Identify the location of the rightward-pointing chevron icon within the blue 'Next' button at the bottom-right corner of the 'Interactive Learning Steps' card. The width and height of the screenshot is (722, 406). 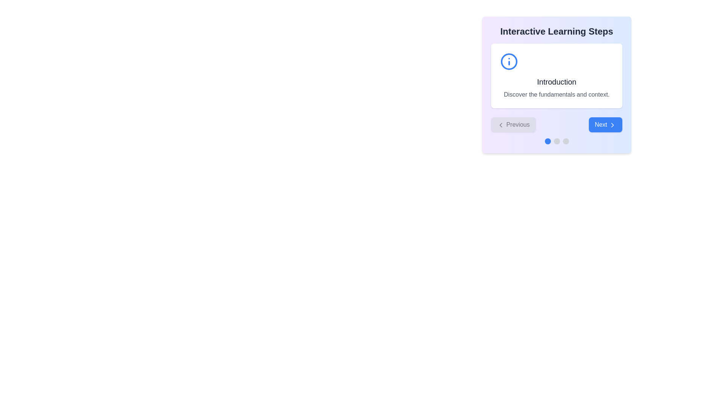
(612, 124).